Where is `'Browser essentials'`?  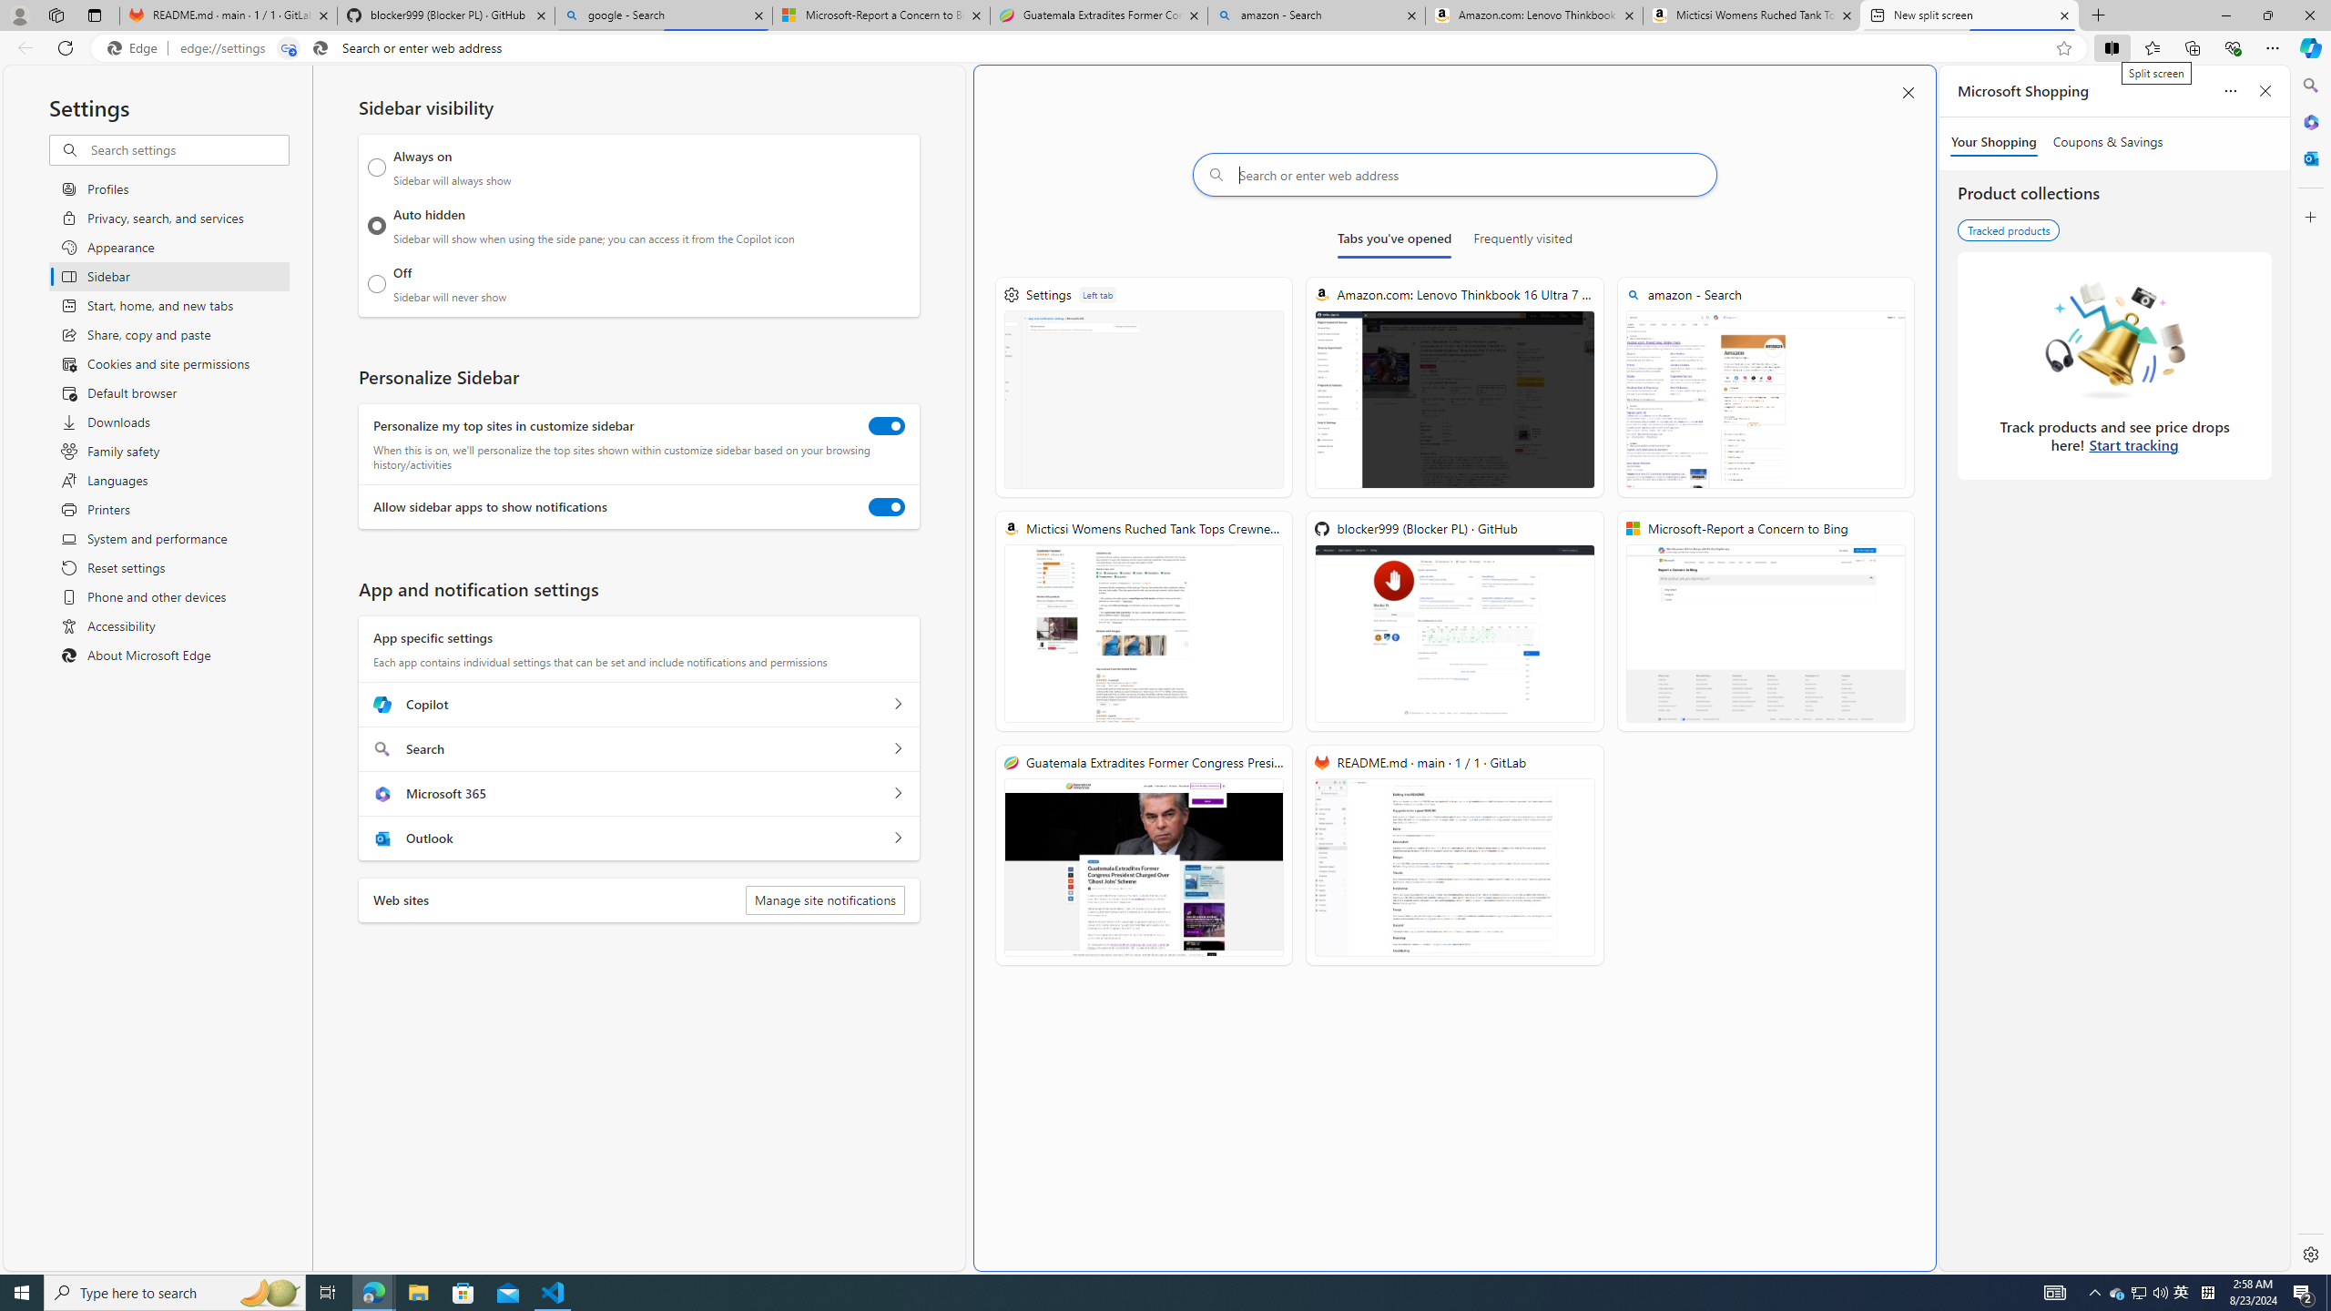 'Browser essentials' is located at coordinates (2232, 46).